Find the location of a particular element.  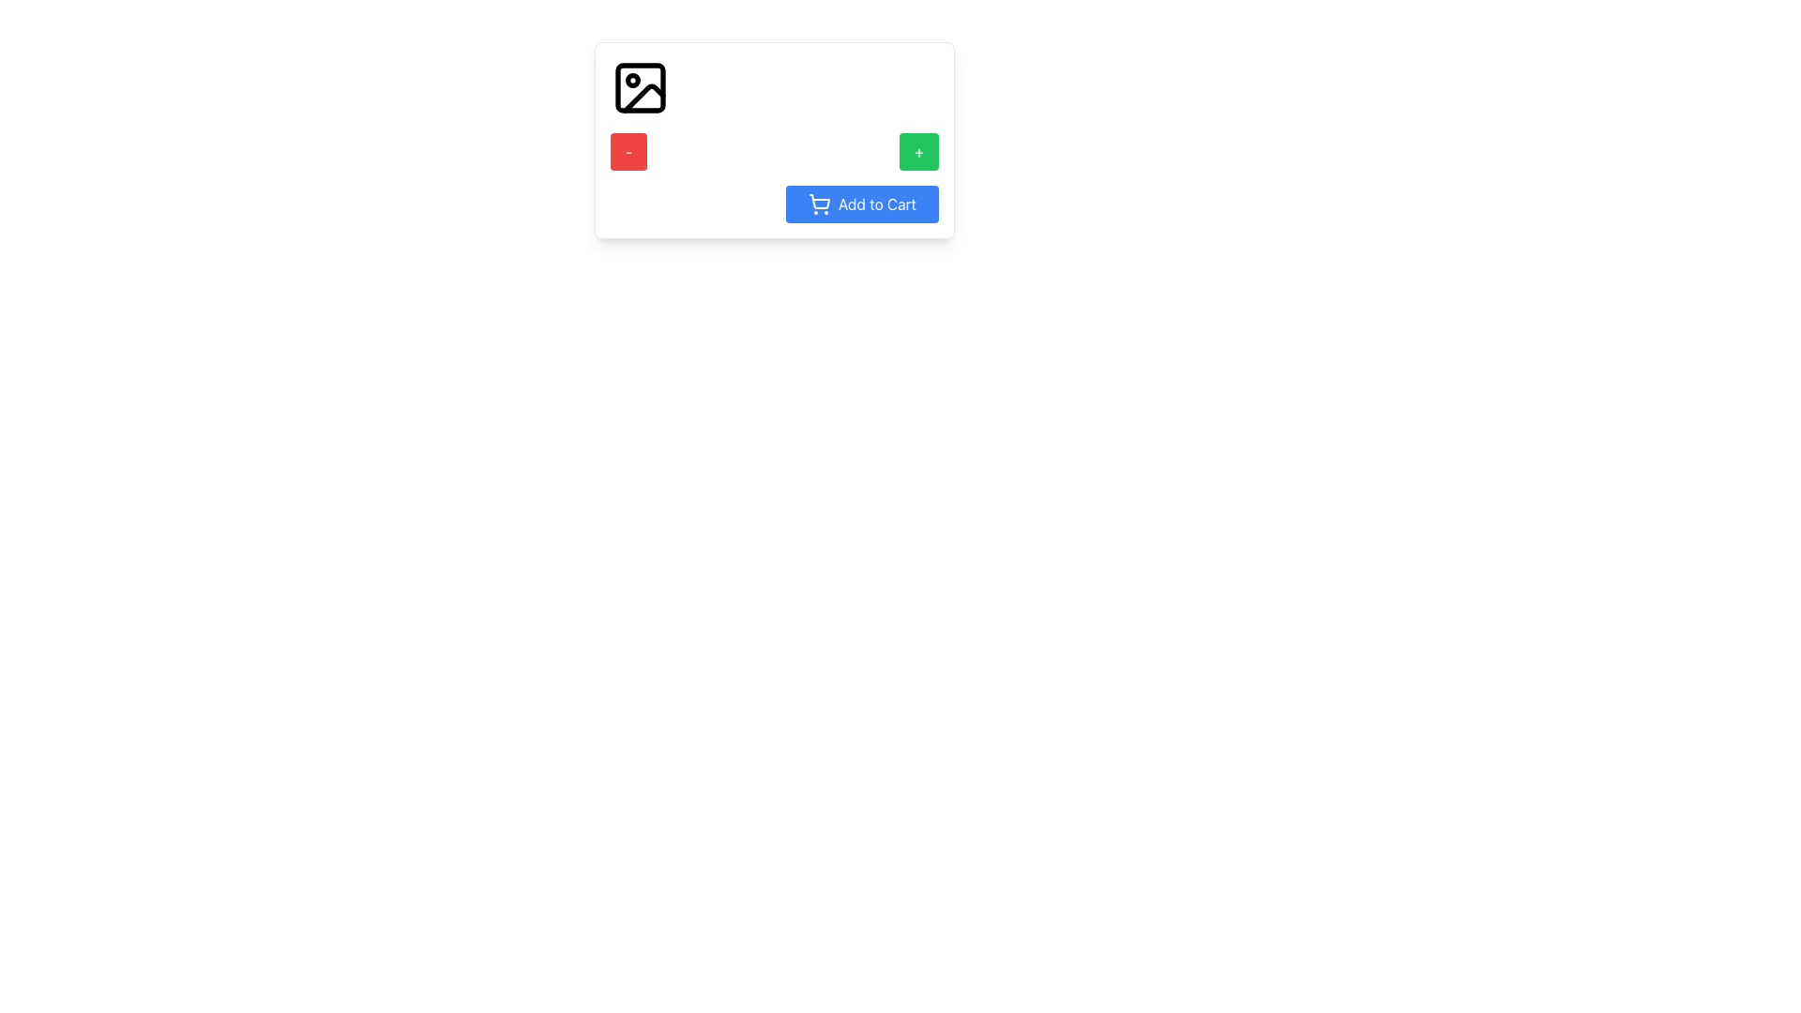

the small circular icon embellishment located in the top-left corner of the image frame icon is located at coordinates (633, 79).